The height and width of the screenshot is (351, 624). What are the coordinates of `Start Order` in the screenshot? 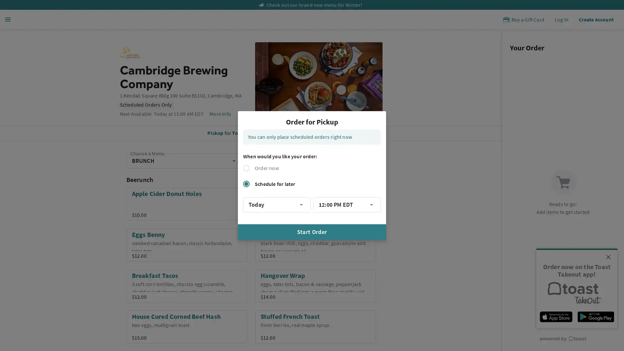 It's located at (312, 231).